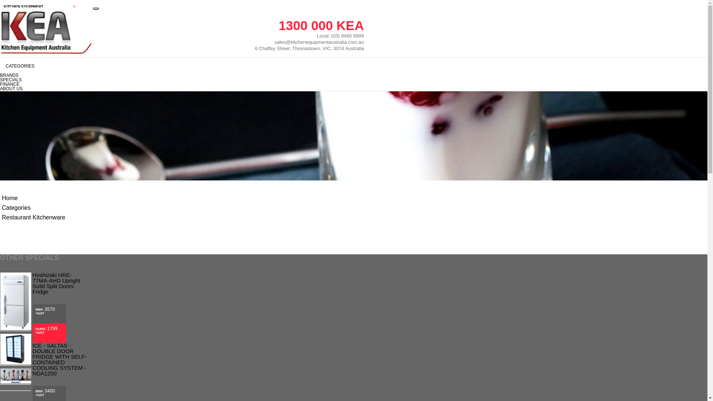  What do you see at coordinates (40, 7) in the screenshot?
I see `'KITCHEN EQUIPMENT'` at bounding box center [40, 7].